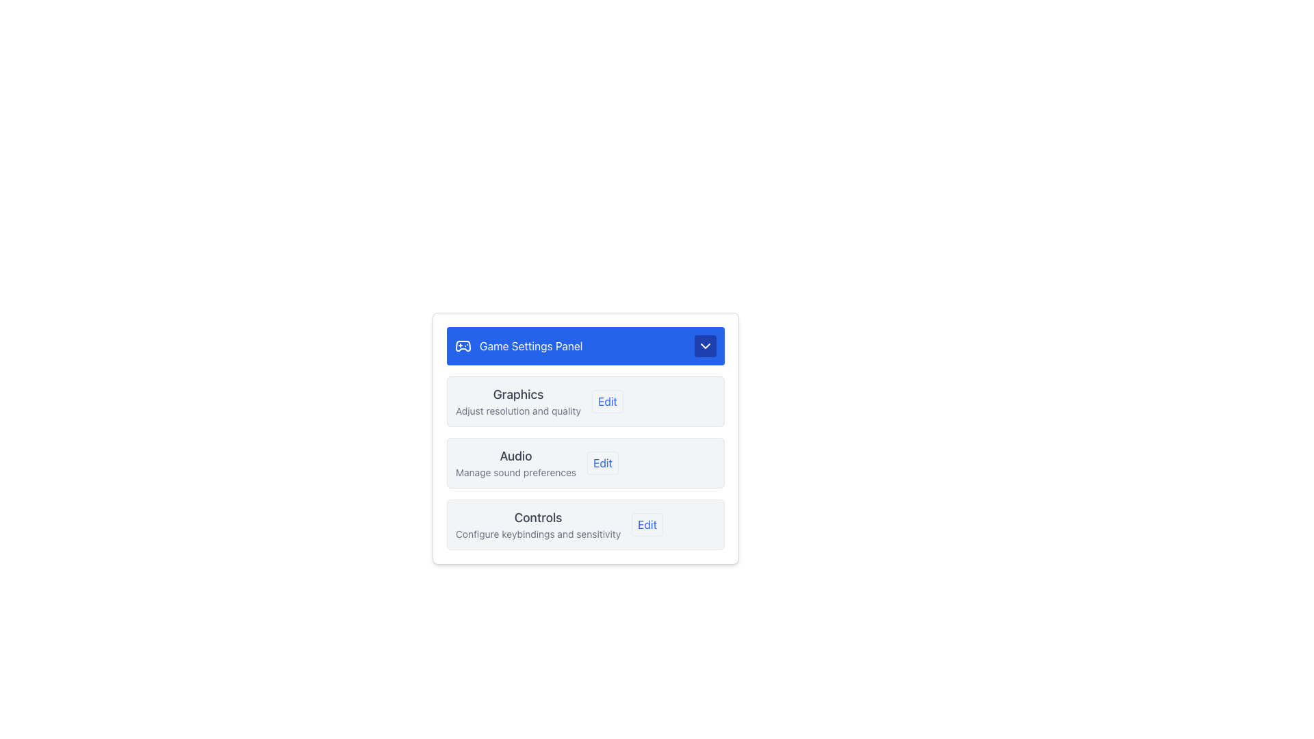 This screenshot has width=1314, height=739. I want to click on the 'Graphics' text label, which is the first option in the Game Settings Panel, displayed prominently in gray color and large size, so click(517, 395).